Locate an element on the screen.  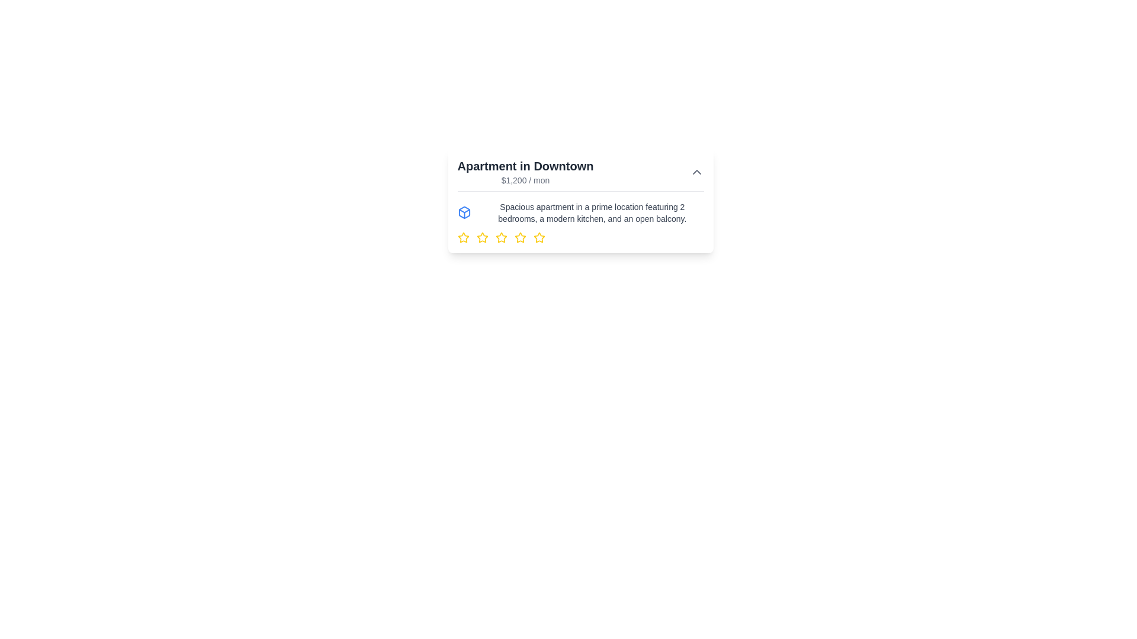
the text description of the spacious apartment, which is styled in a smaller gray font and located in the top-central region of the card layout, slightly right of center, above the yellow star icons is located at coordinates (592, 212).